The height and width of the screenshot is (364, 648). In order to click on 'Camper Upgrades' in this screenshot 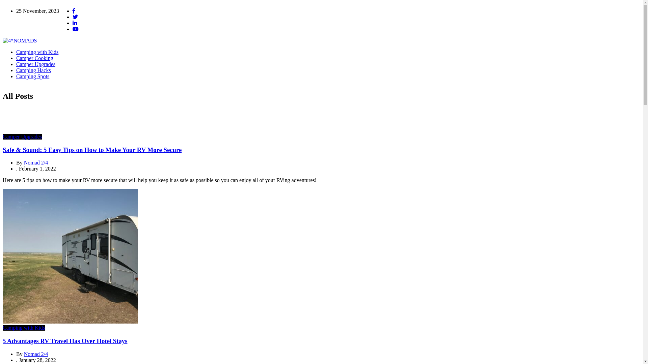, I will do `click(16, 64)`.